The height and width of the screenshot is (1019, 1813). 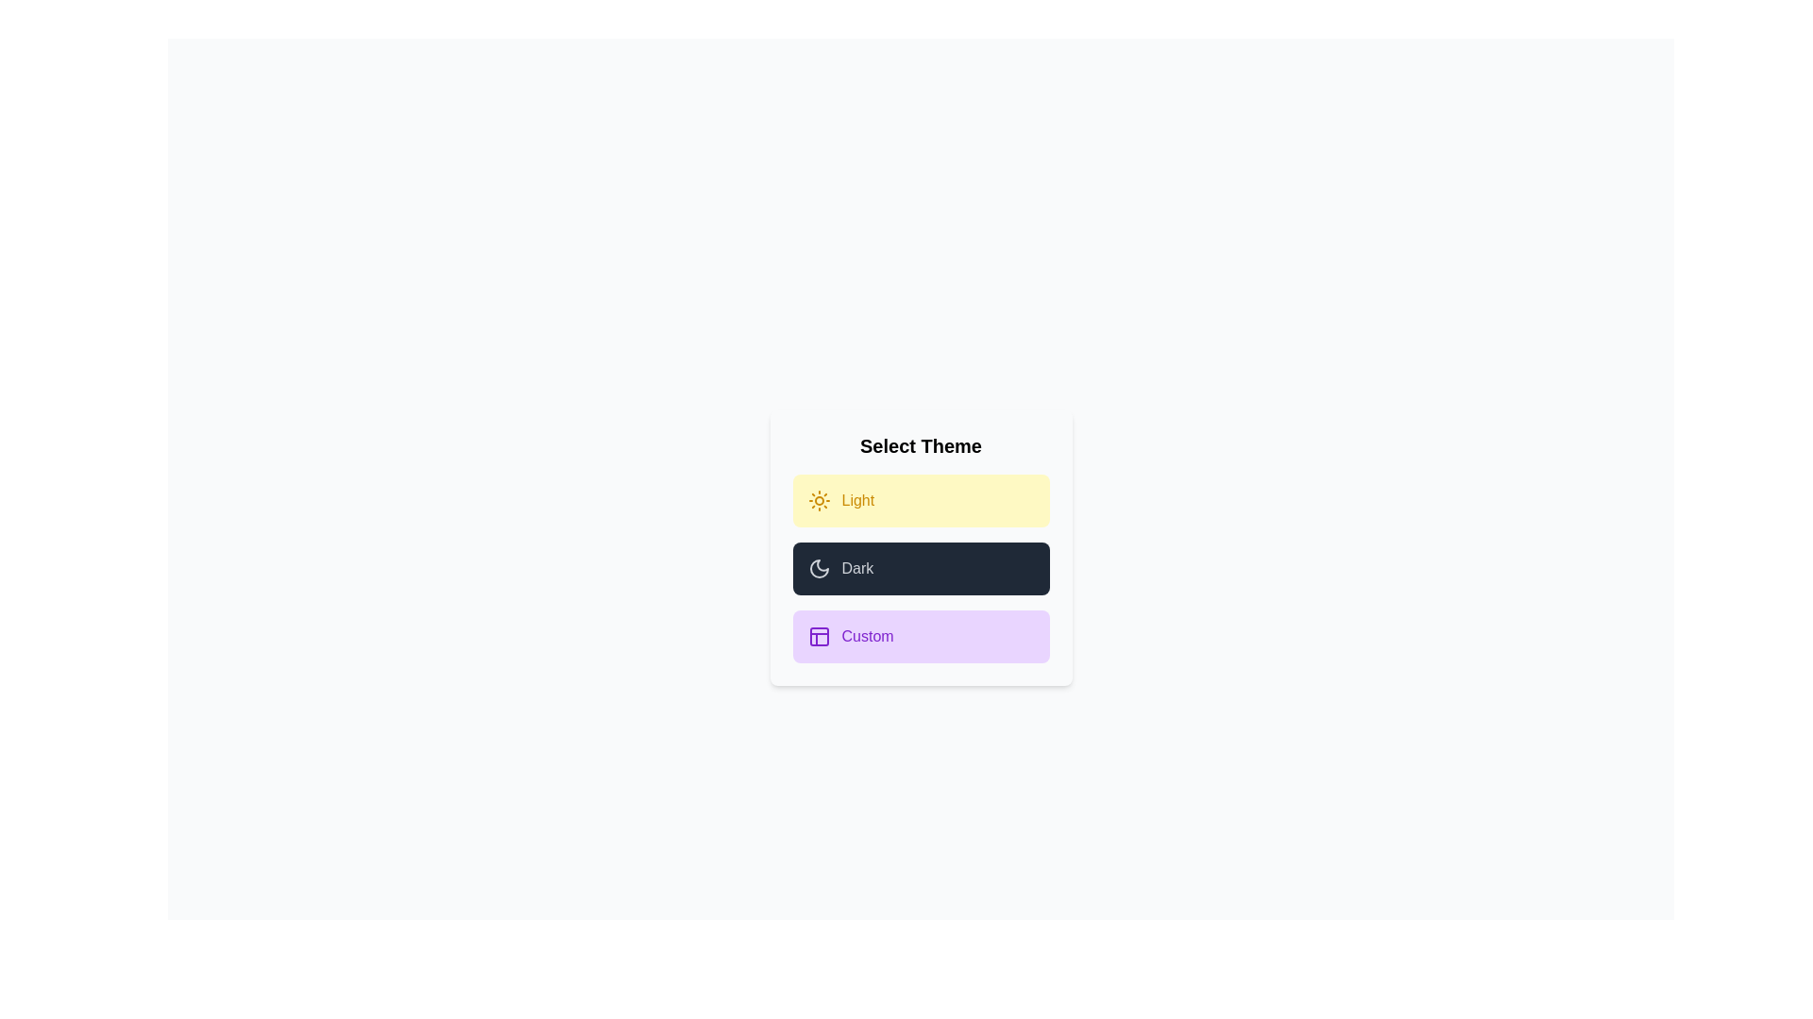 What do you see at coordinates (819, 567) in the screenshot?
I see `the moon icon representing the 'Dark' theme in the theme selection menu for accessibility purposes` at bounding box center [819, 567].